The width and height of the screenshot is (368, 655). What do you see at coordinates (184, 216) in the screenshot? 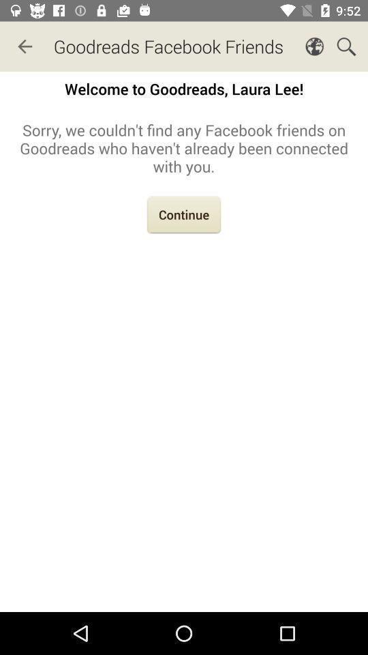
I see `continue item` at bounding box center [184, 216].